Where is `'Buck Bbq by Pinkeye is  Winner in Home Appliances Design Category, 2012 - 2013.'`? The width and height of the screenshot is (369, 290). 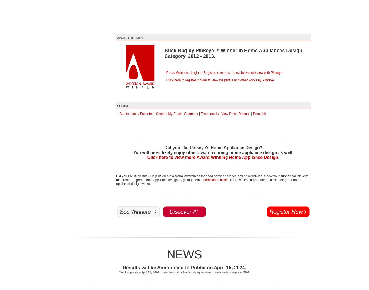 'Buck Bbq by Pinkeye is  Winner in Home Appliances Design Category, 2012 - 2013.' is located at coordinates (233, 53).